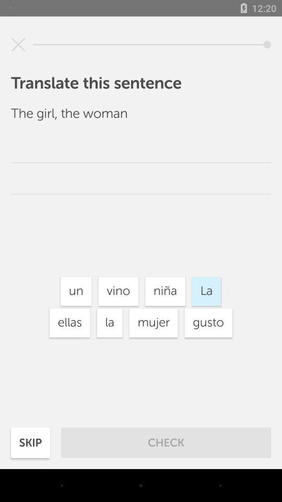 This screenshot has width=282, height=502. Describe the element at coordinates (118, 291) in the screenshot. I see `text which is right to un` at that location.